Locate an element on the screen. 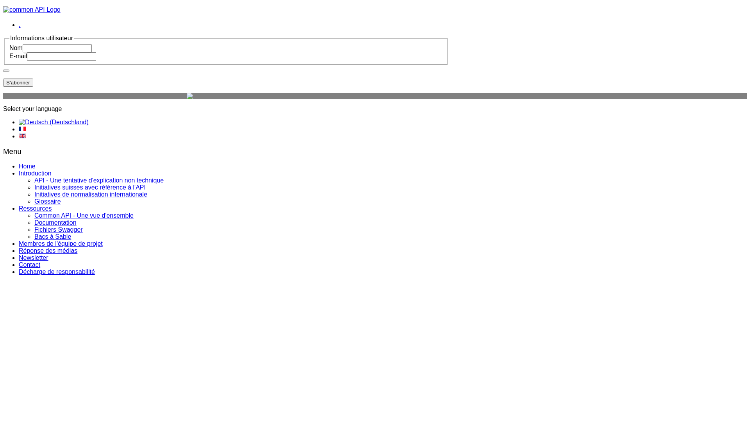 Image resolution: width=750 pixels, height=422 pixels. 'Ressources' is located at coordinates (35, 208).